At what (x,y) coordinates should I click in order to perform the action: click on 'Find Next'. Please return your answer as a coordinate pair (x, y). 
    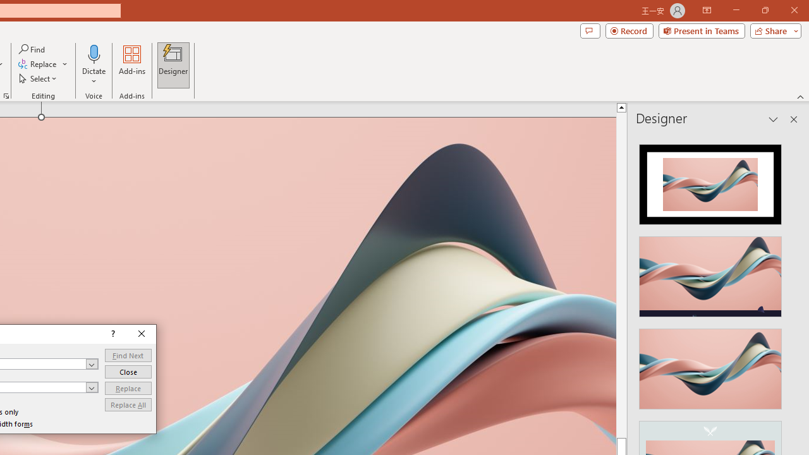
    Looking at the image, I should click on (128, 355).